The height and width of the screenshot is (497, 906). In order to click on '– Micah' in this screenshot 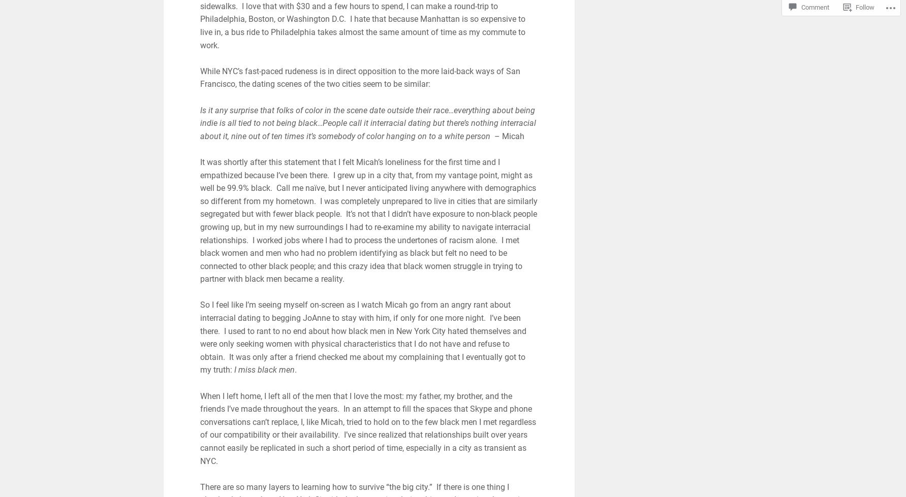, I will do `click(508, 136)`.